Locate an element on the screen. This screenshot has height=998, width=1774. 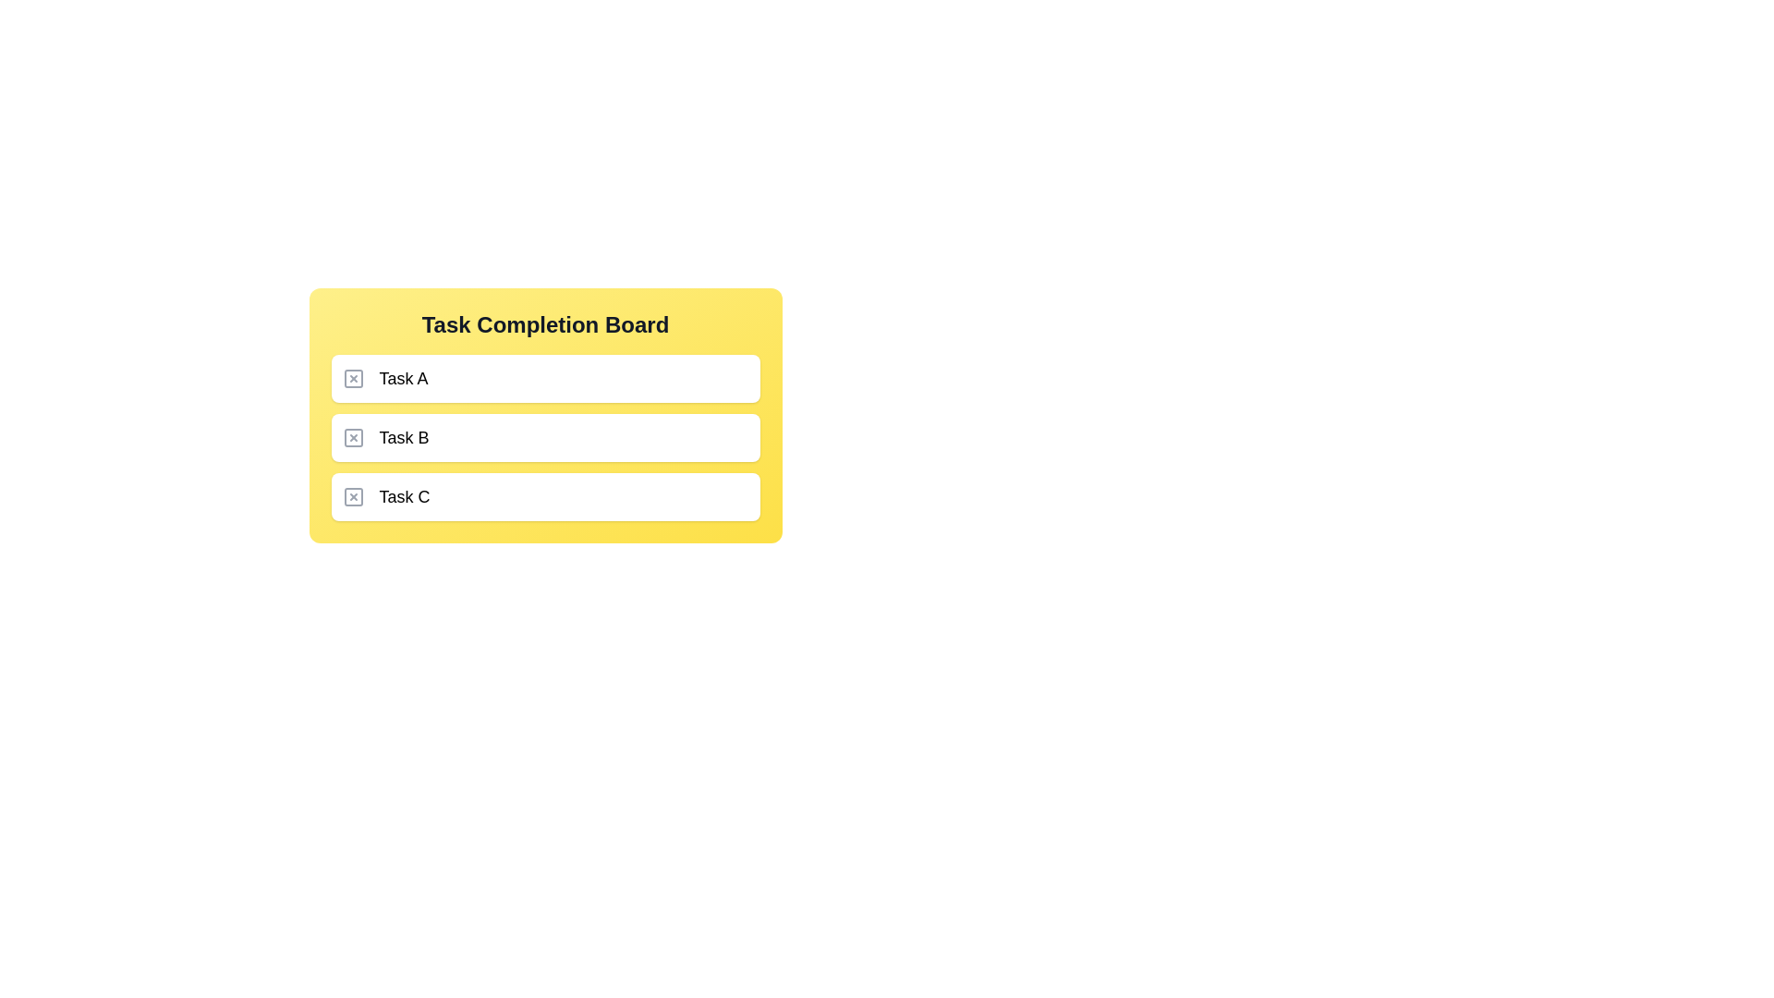
the deletion button located at the far left of the yellow 'Task Completion Board', adjacent to the text label 'Task A' is located at coordinates (353, 377).